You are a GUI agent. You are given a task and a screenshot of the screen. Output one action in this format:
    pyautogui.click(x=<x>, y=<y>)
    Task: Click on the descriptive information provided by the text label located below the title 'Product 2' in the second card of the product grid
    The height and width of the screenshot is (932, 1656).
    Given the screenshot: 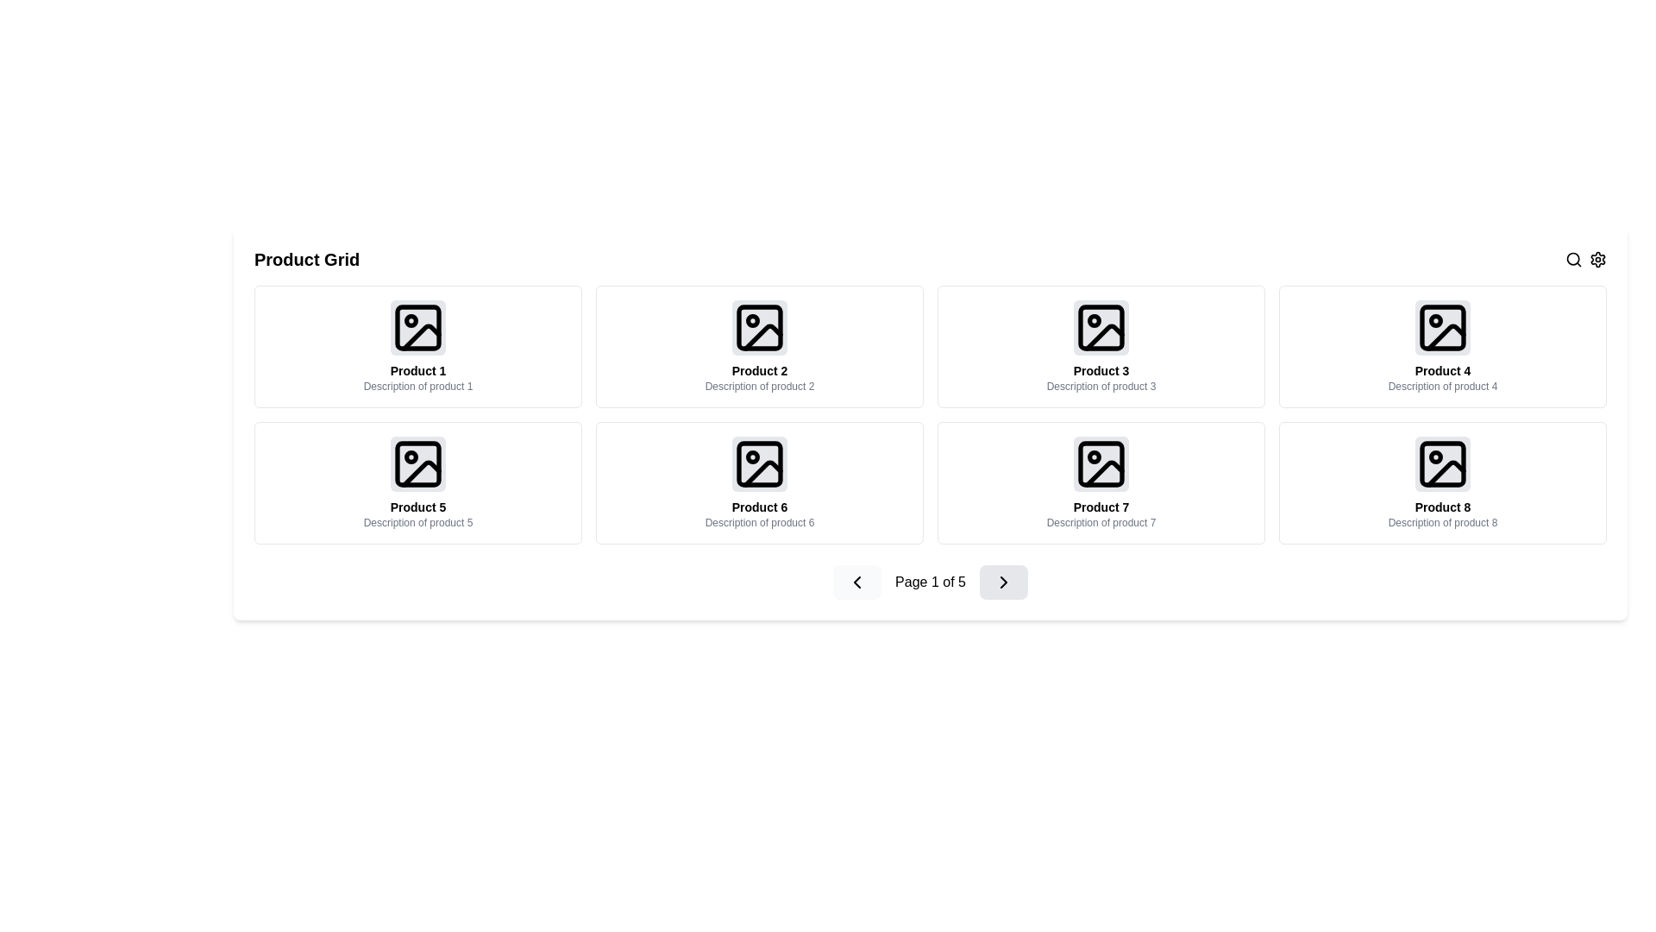 What is the action you would take?
    pyautogui.click(x=759, y=385)
    